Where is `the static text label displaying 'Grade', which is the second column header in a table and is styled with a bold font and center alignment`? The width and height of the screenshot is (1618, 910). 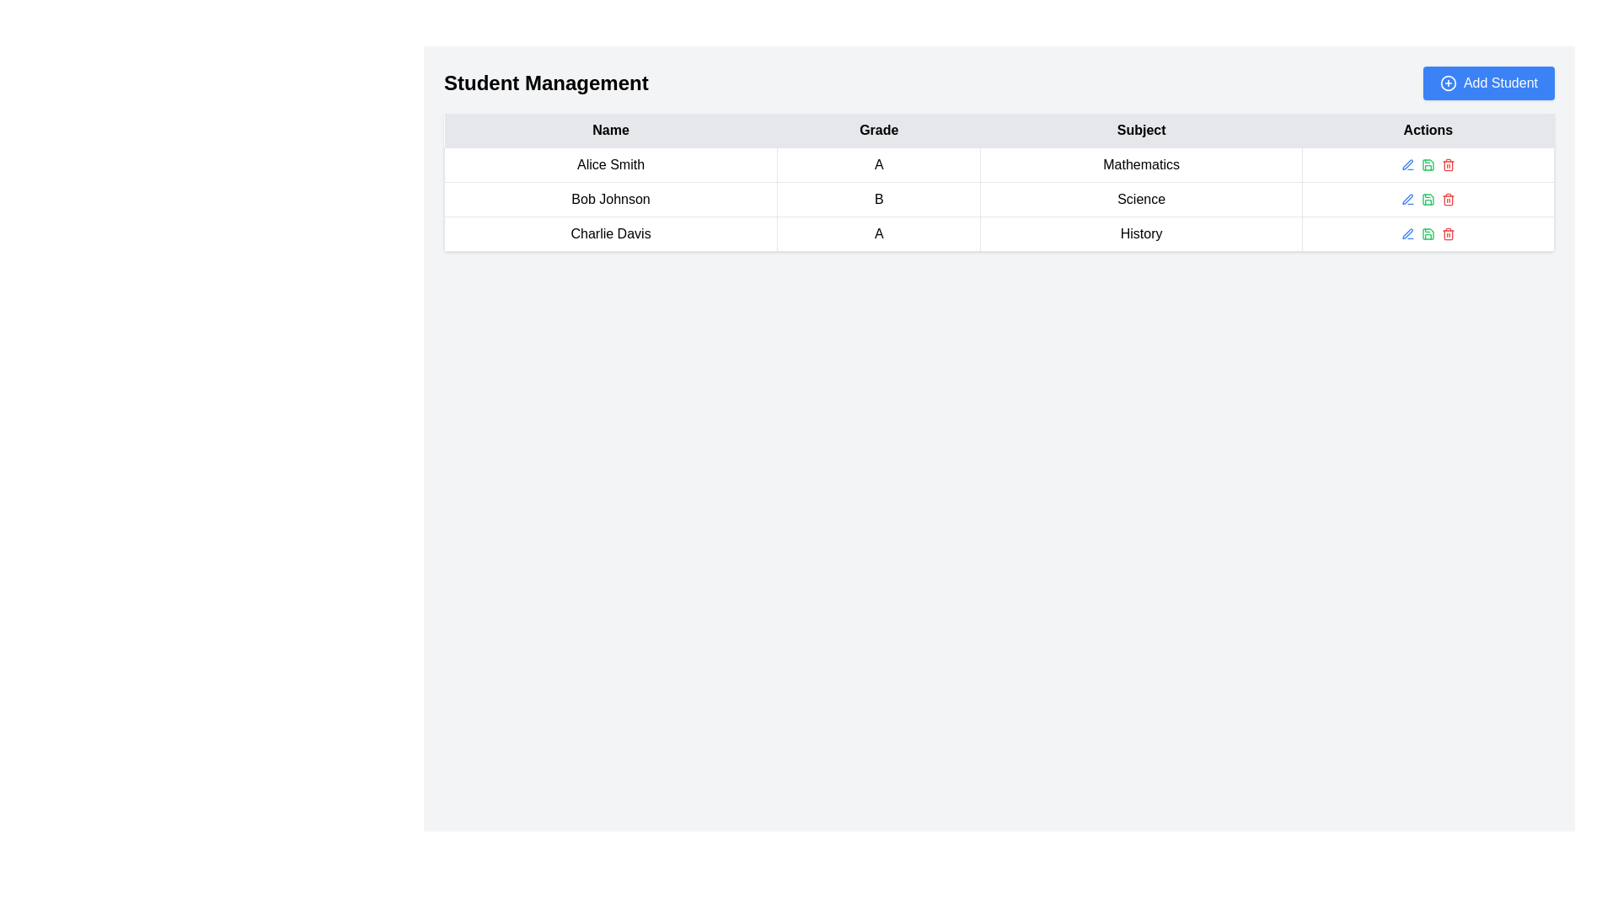
the static text label displaying 'Grade', which is the second column header in a table and is styled with a bold font and center alignment is located at coordinates (878, 130).